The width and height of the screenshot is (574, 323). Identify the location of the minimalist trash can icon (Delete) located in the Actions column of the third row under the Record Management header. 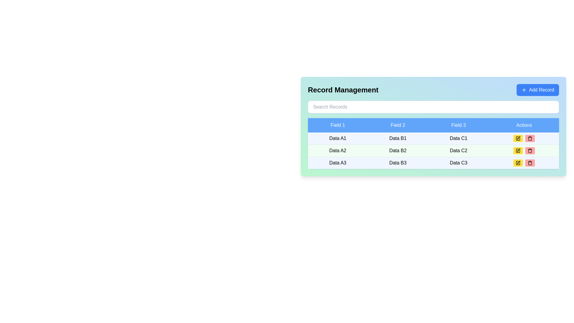
(530, 163).